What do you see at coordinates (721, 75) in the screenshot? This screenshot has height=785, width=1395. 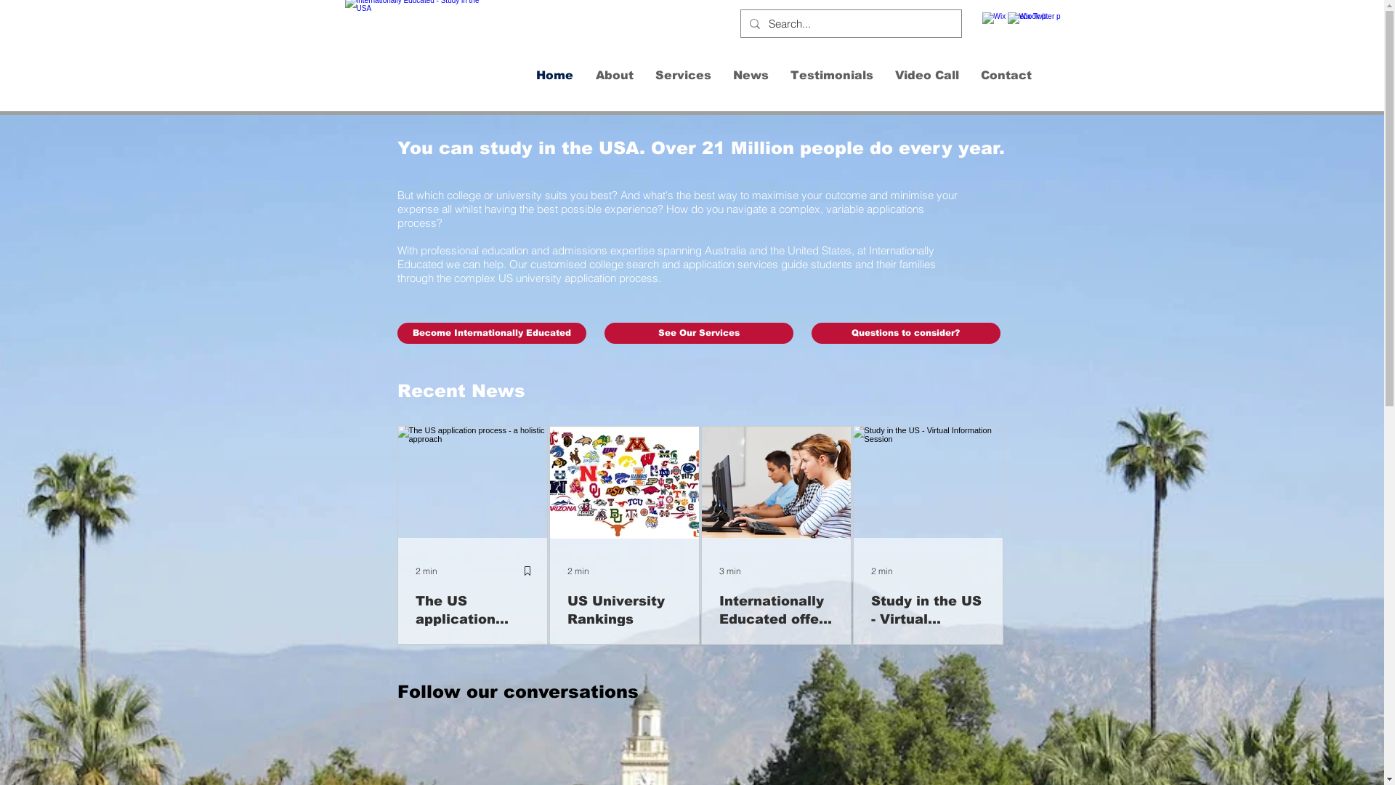 I see `'News'` at bounding box center [721, 75].